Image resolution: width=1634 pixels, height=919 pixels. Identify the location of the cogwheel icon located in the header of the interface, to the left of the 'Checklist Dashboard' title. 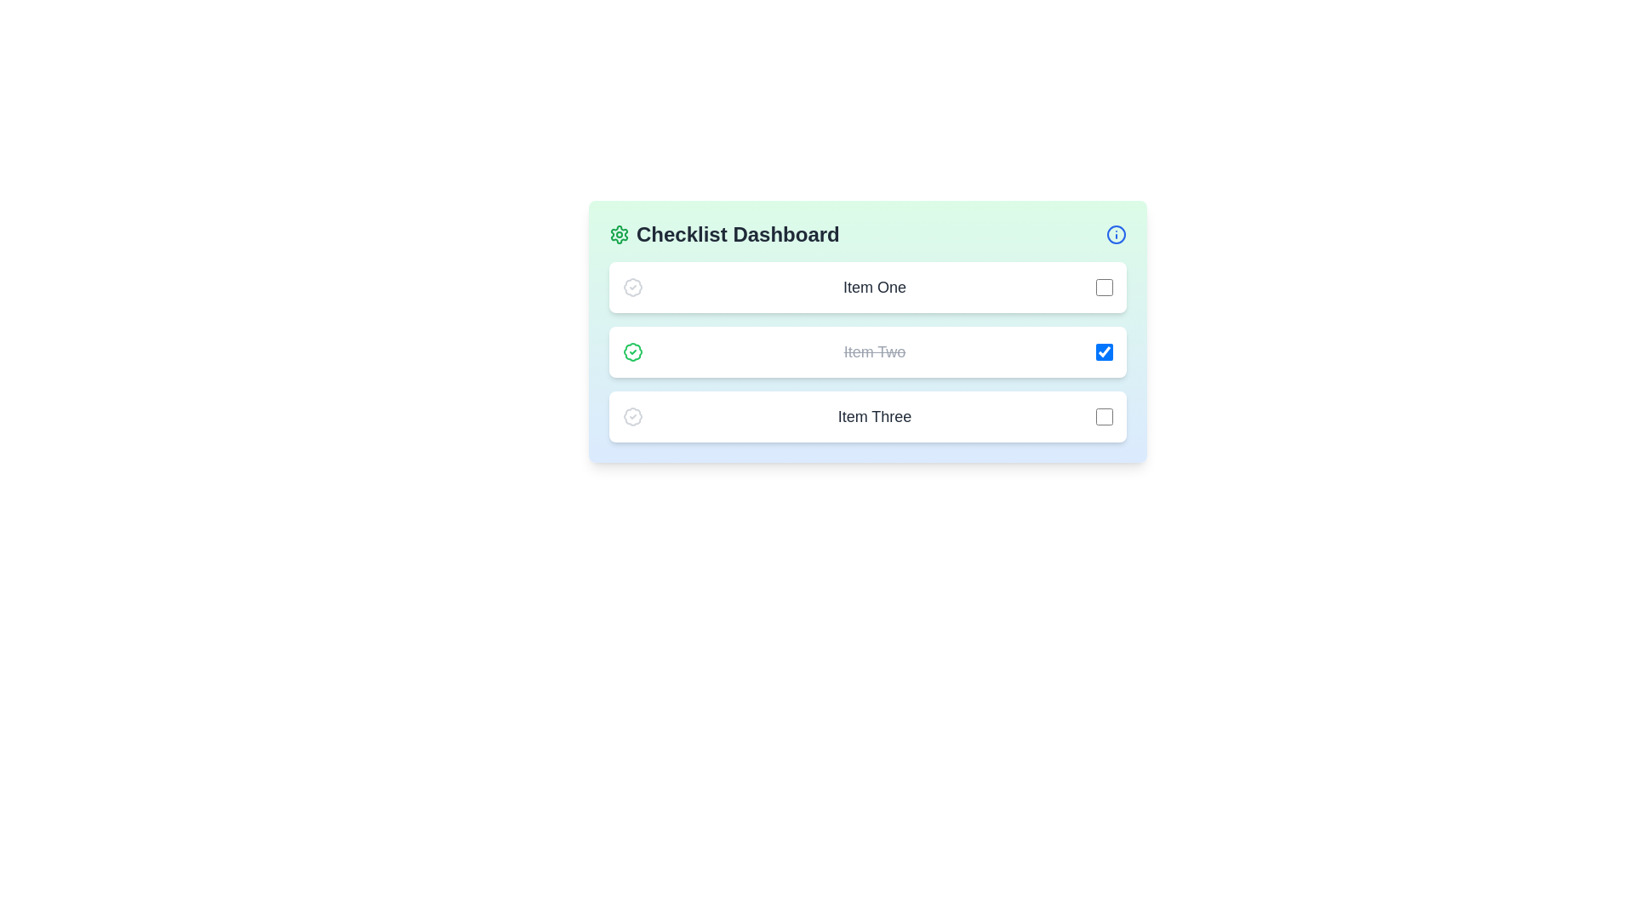
(619, 235).